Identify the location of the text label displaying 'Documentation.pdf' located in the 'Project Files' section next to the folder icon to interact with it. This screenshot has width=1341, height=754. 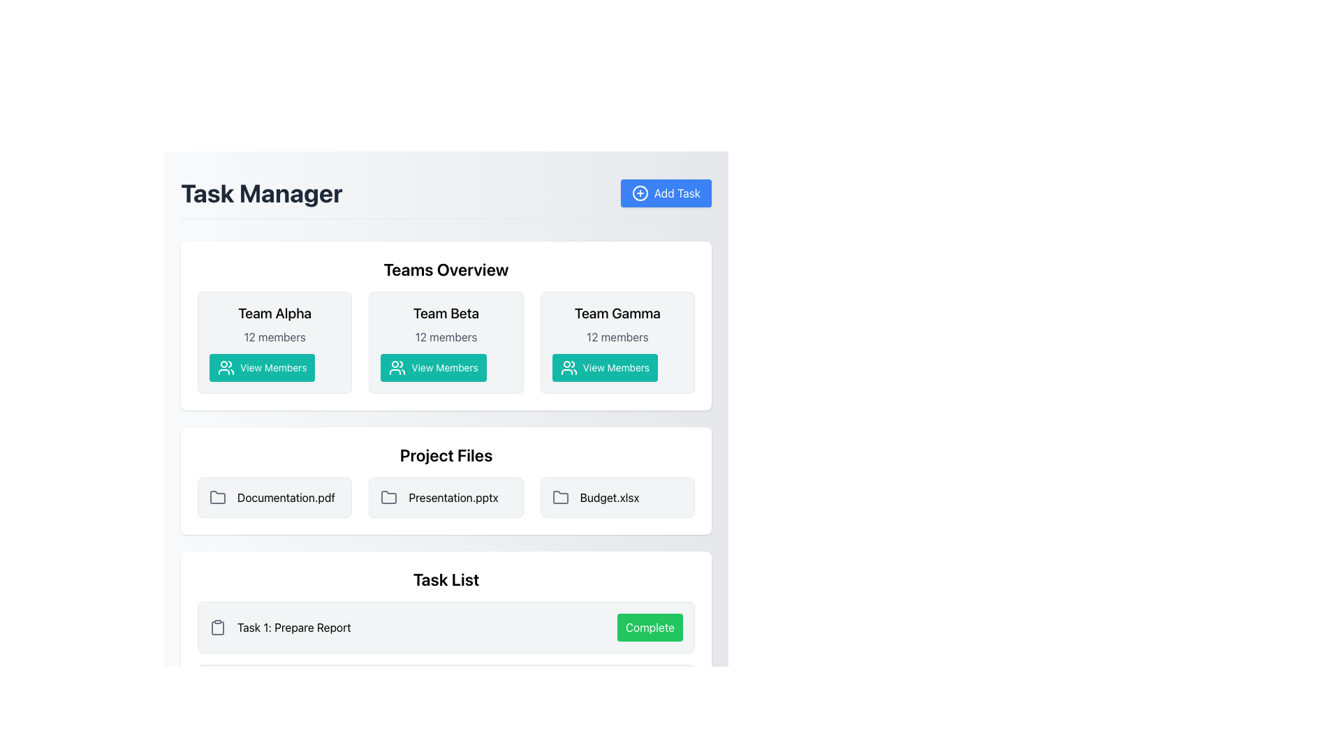
(285, 497).